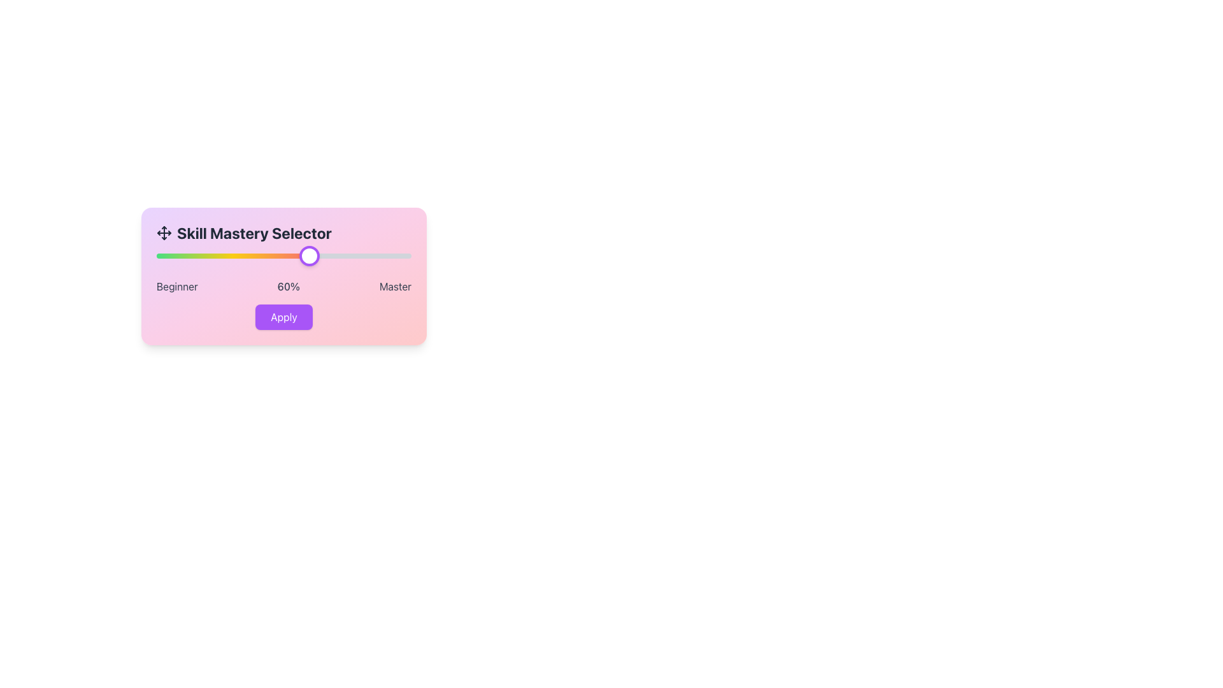 The width and height of the screenshot is (1223, 688). Describe the element at coordinates (283, 316) in the screenshot. I see `the button at the center of the 'Skill Mastery Selector' card to apply the selected skill mastery level` at that location.